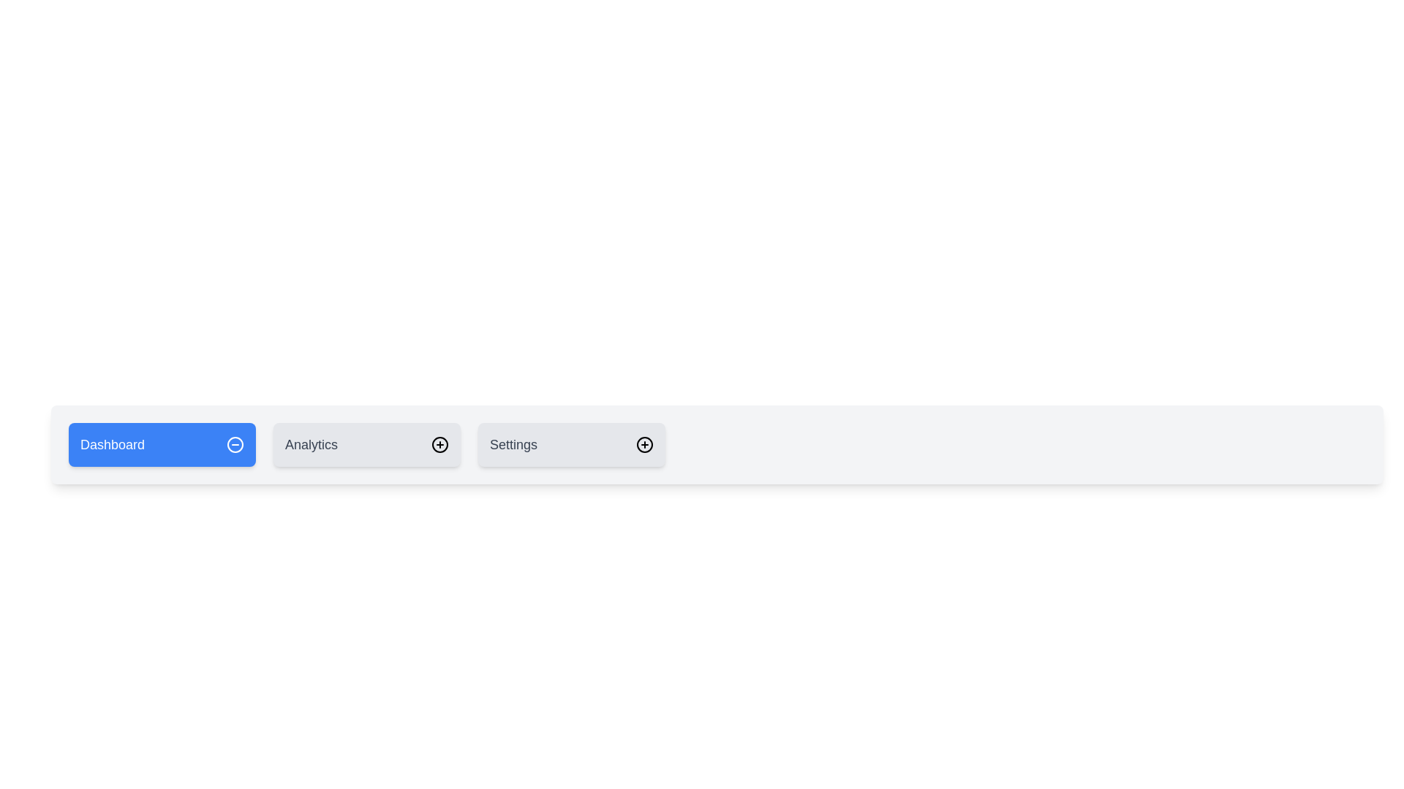 This screenshot has height=789, width=1404. What do you see at coordinates (439, 444) in the screenshot?
I see `the 'Add' button located to the far right within the 'Analytics' box` at bounding box center [439, 444].